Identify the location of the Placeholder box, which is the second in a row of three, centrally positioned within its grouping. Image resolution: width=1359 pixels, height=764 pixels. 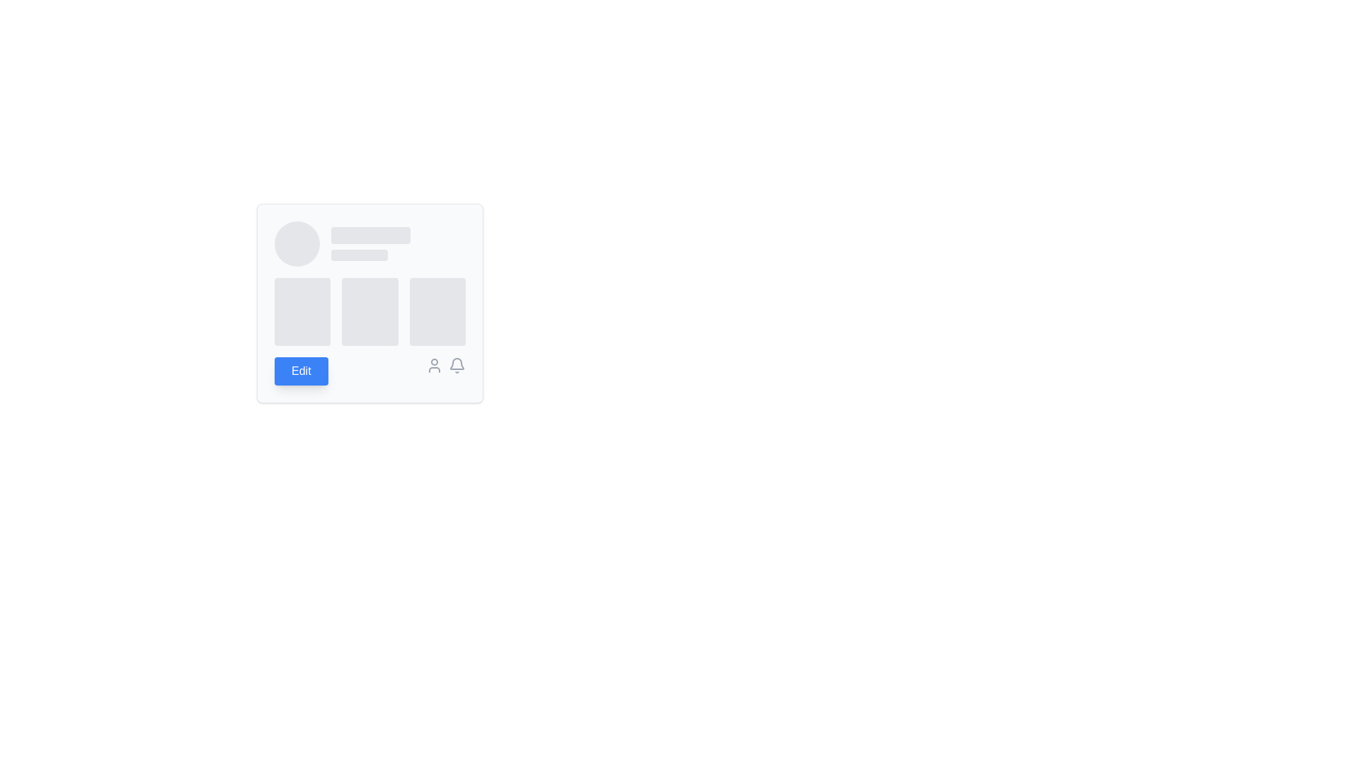
(370, 311).